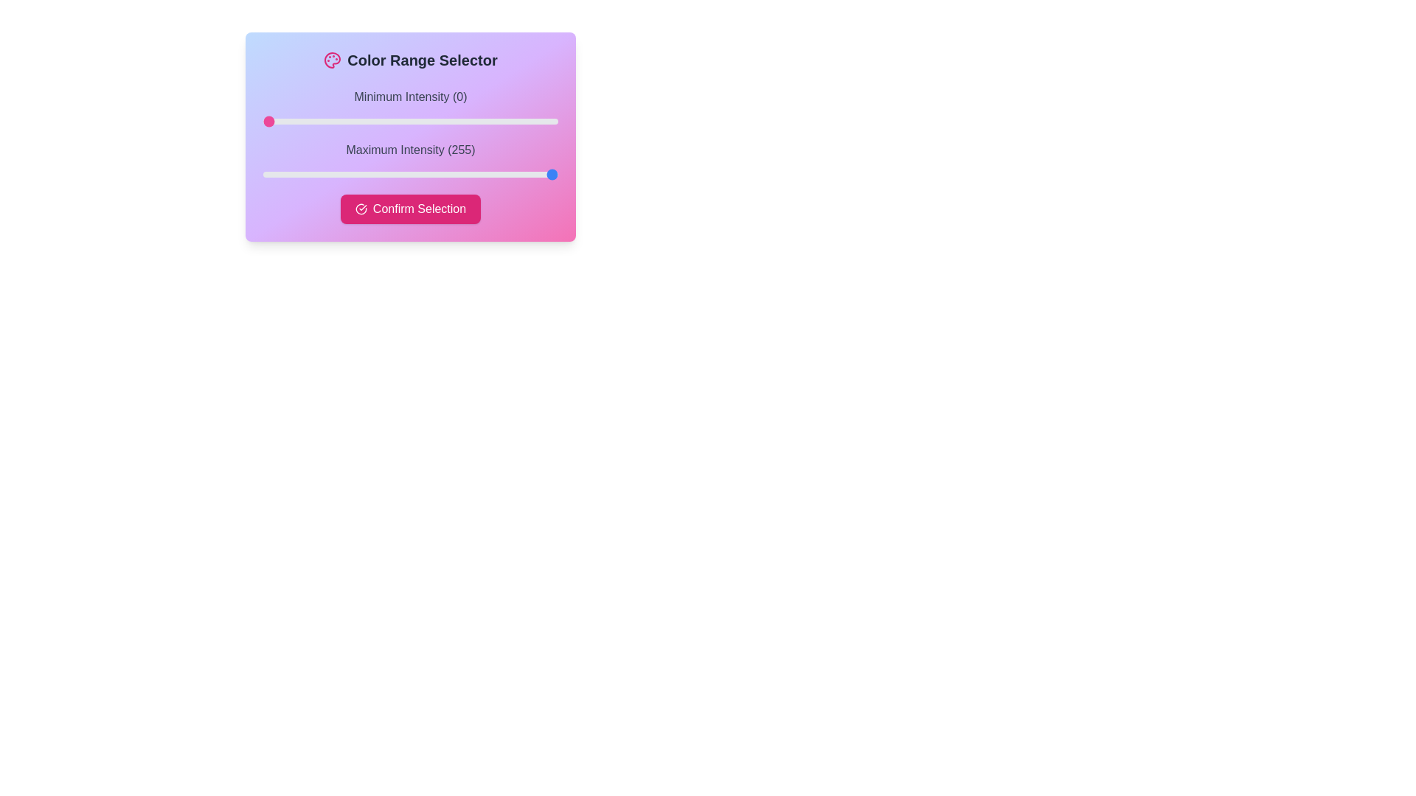 The image size is (1416, 796). What do you see at coordinates (406, 121) in the screenshot?
I see `the minimum intensity slider to 124 value` at bounding box center [406, 121].